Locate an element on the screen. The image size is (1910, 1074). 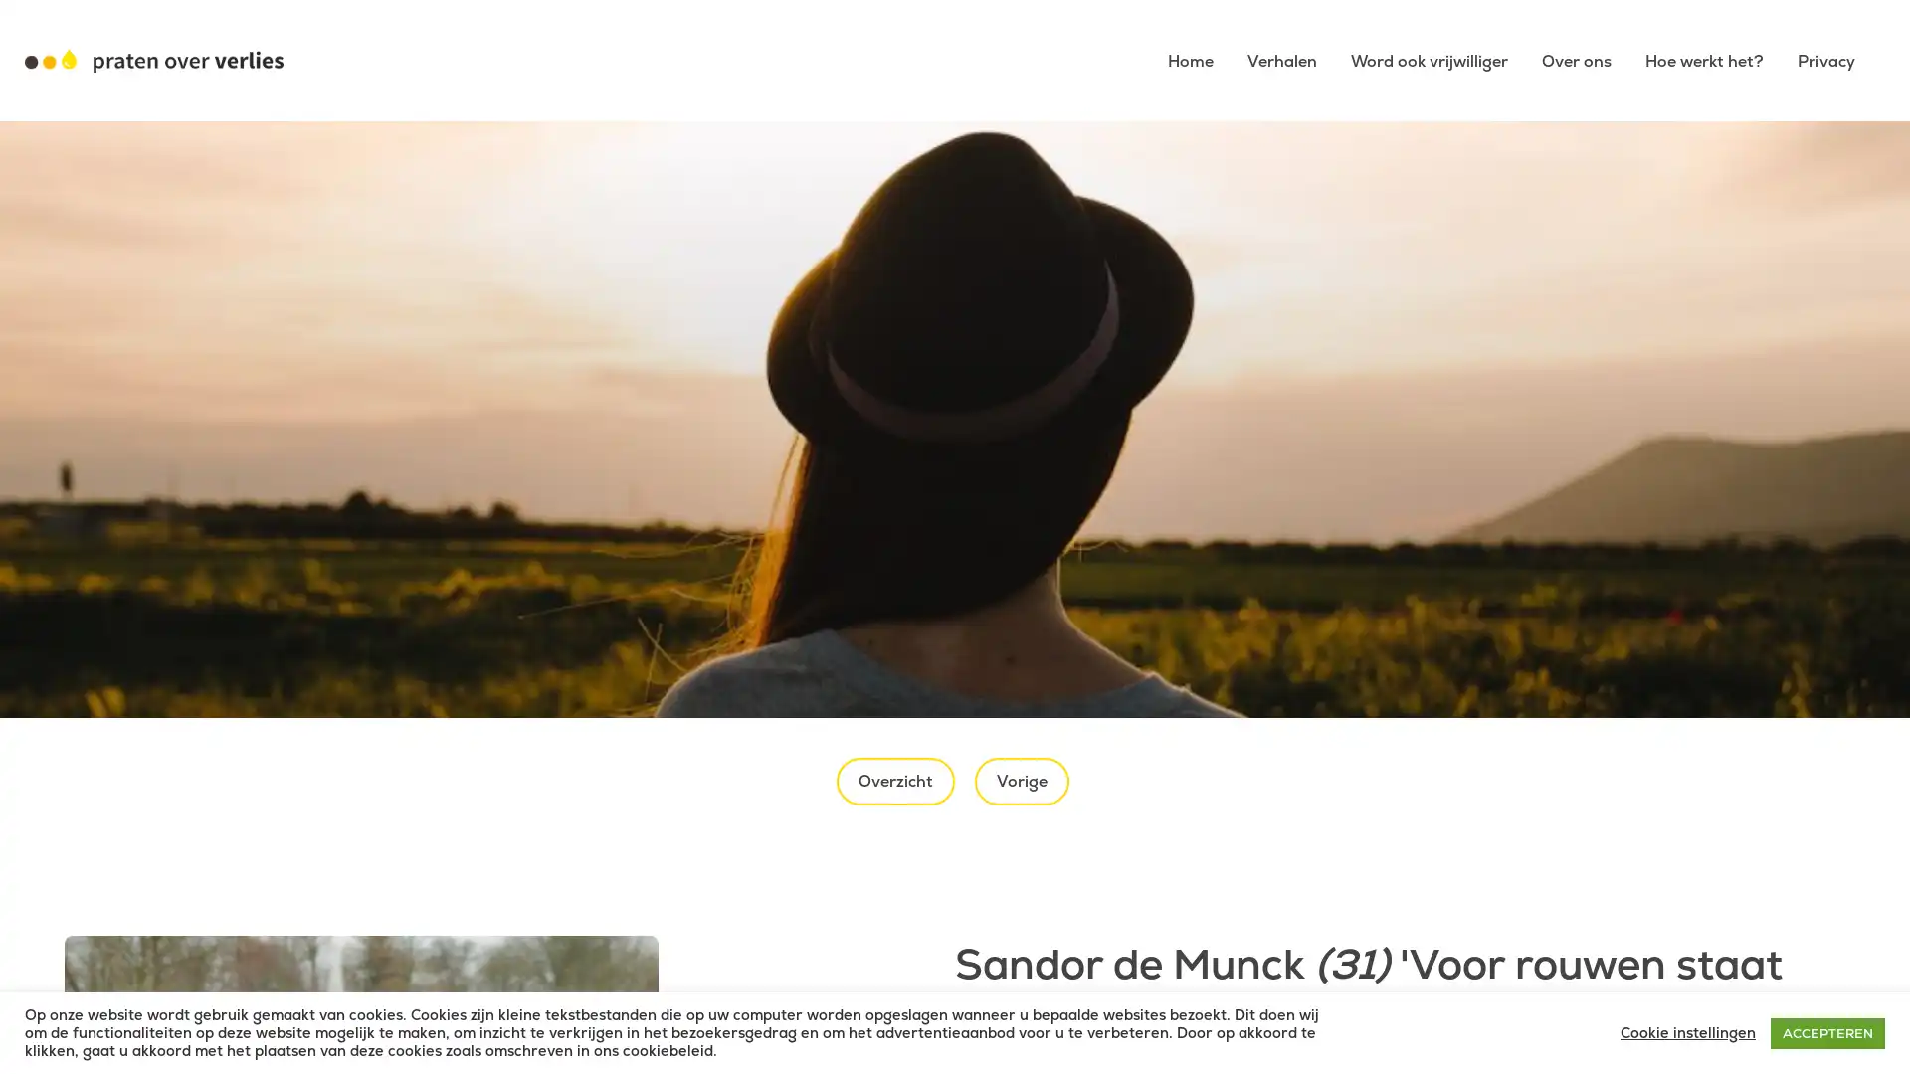
Cookie instellingen is located at coordinates (1687, 1031).